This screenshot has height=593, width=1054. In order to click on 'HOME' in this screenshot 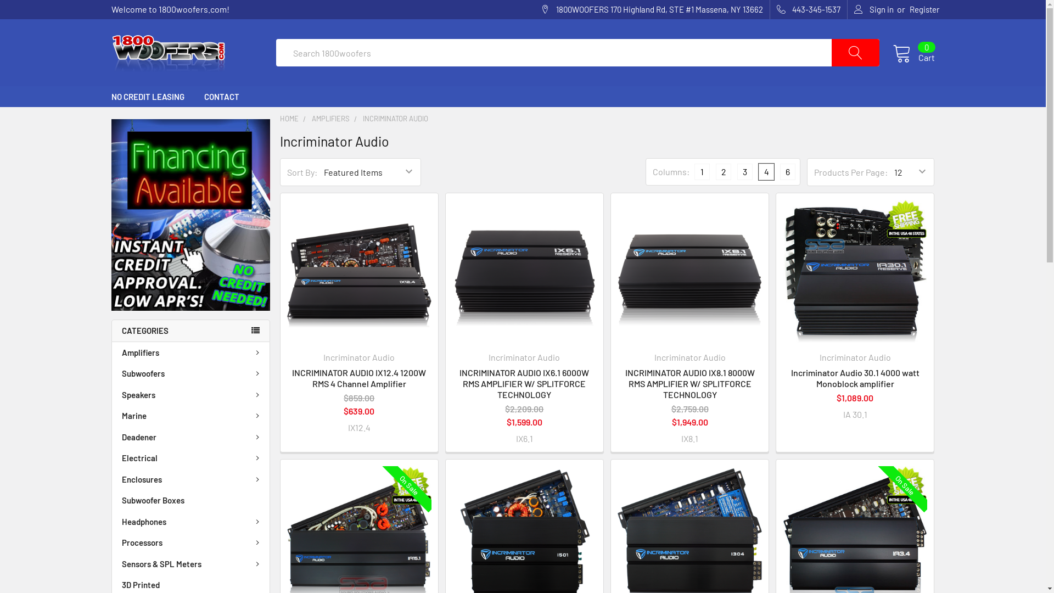, I will do `click(289, 119)`.